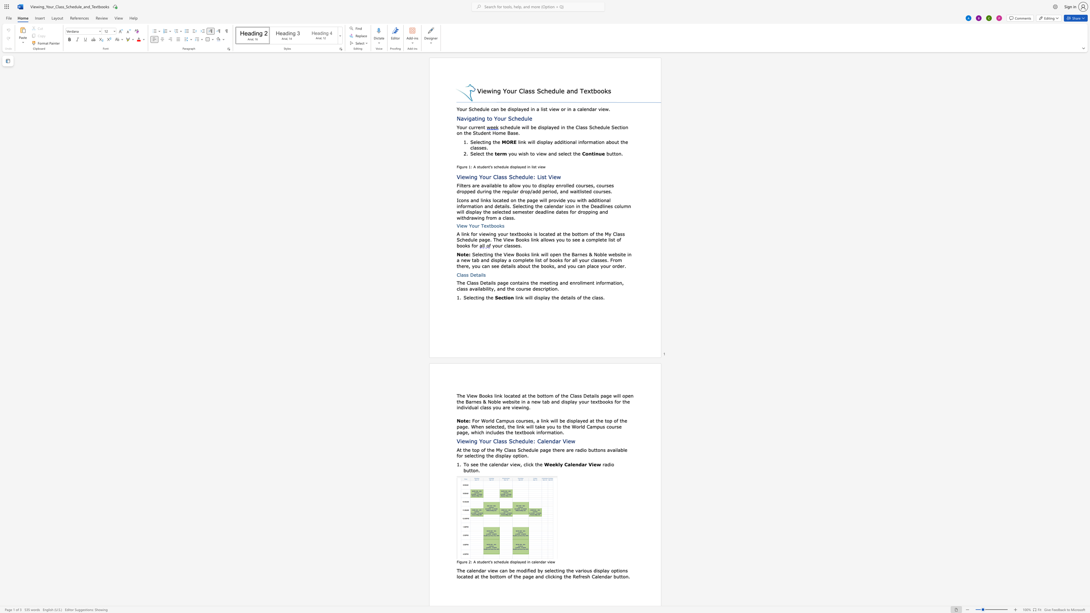 Image resolution: width=1090 pixels, height=613 pixels. What do you see at coordinates (457, 455) in the screenshot?
I see `the 2th character "f" in the text` at bounding box center [457, 455].